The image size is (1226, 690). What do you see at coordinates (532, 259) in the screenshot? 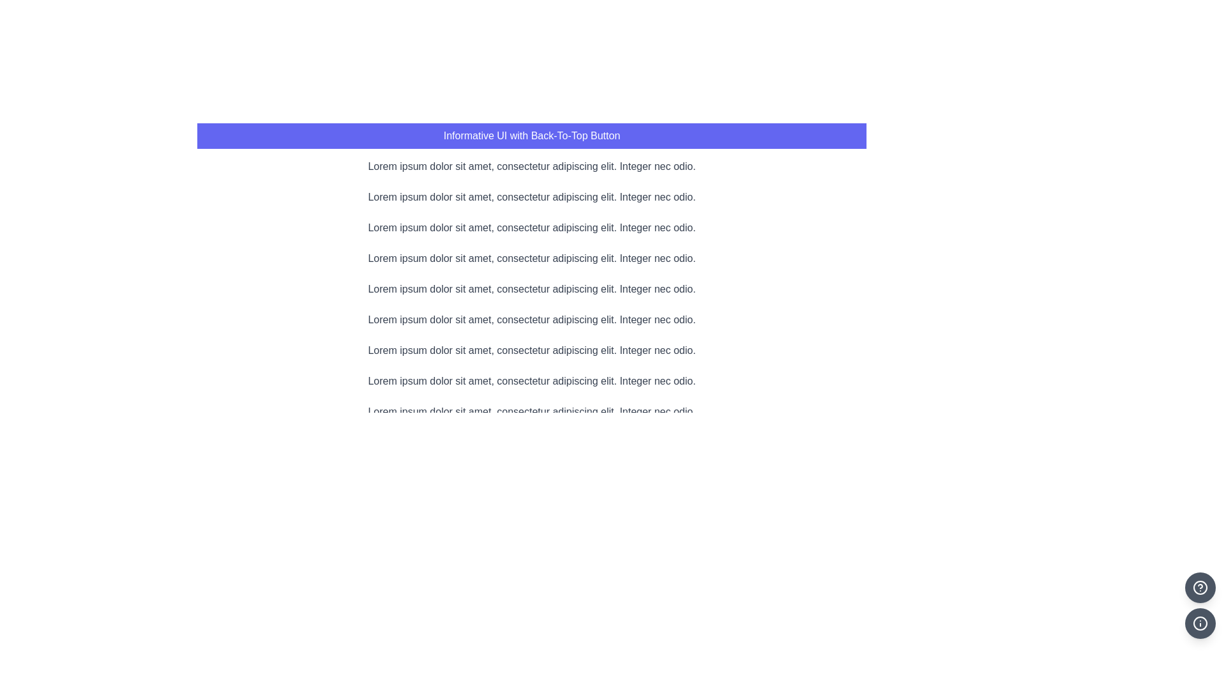
I see `text element containing 'Lorem ipsum dolor sit amet, consectetur adipiscing elit. Integer nec odio.' which is the fourth item in a vertically stacked list of text elements` at bounding box center [532, 259].